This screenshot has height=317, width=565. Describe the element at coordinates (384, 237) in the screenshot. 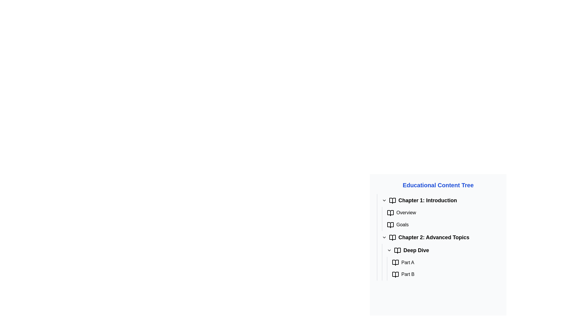

I see `the small downward-pointing chevron icon of the Dropdown toggle button located to the left of the 'Chapter 2: Advanced Topics' menu item` at that location.